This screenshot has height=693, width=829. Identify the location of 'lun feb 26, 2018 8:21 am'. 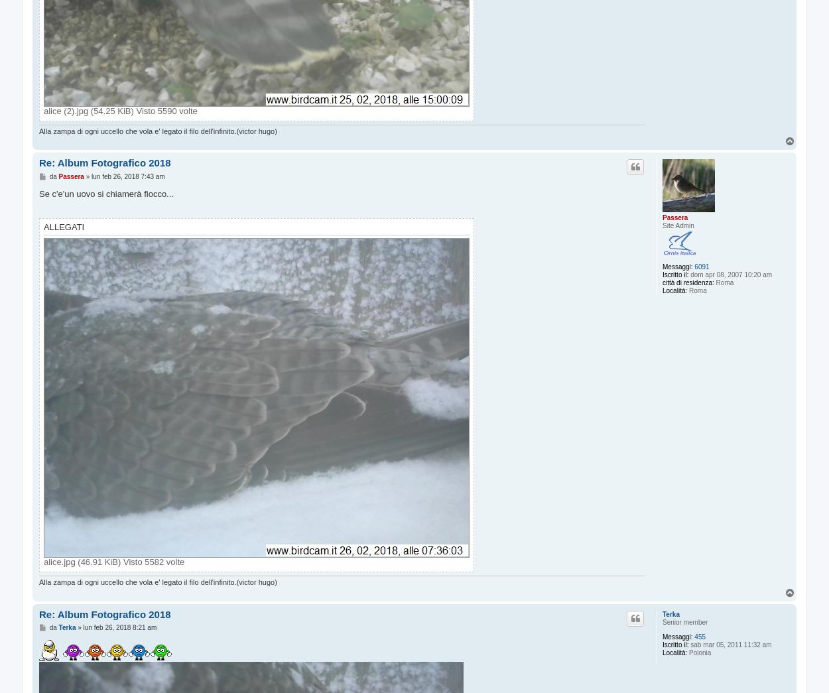
(119, 626).